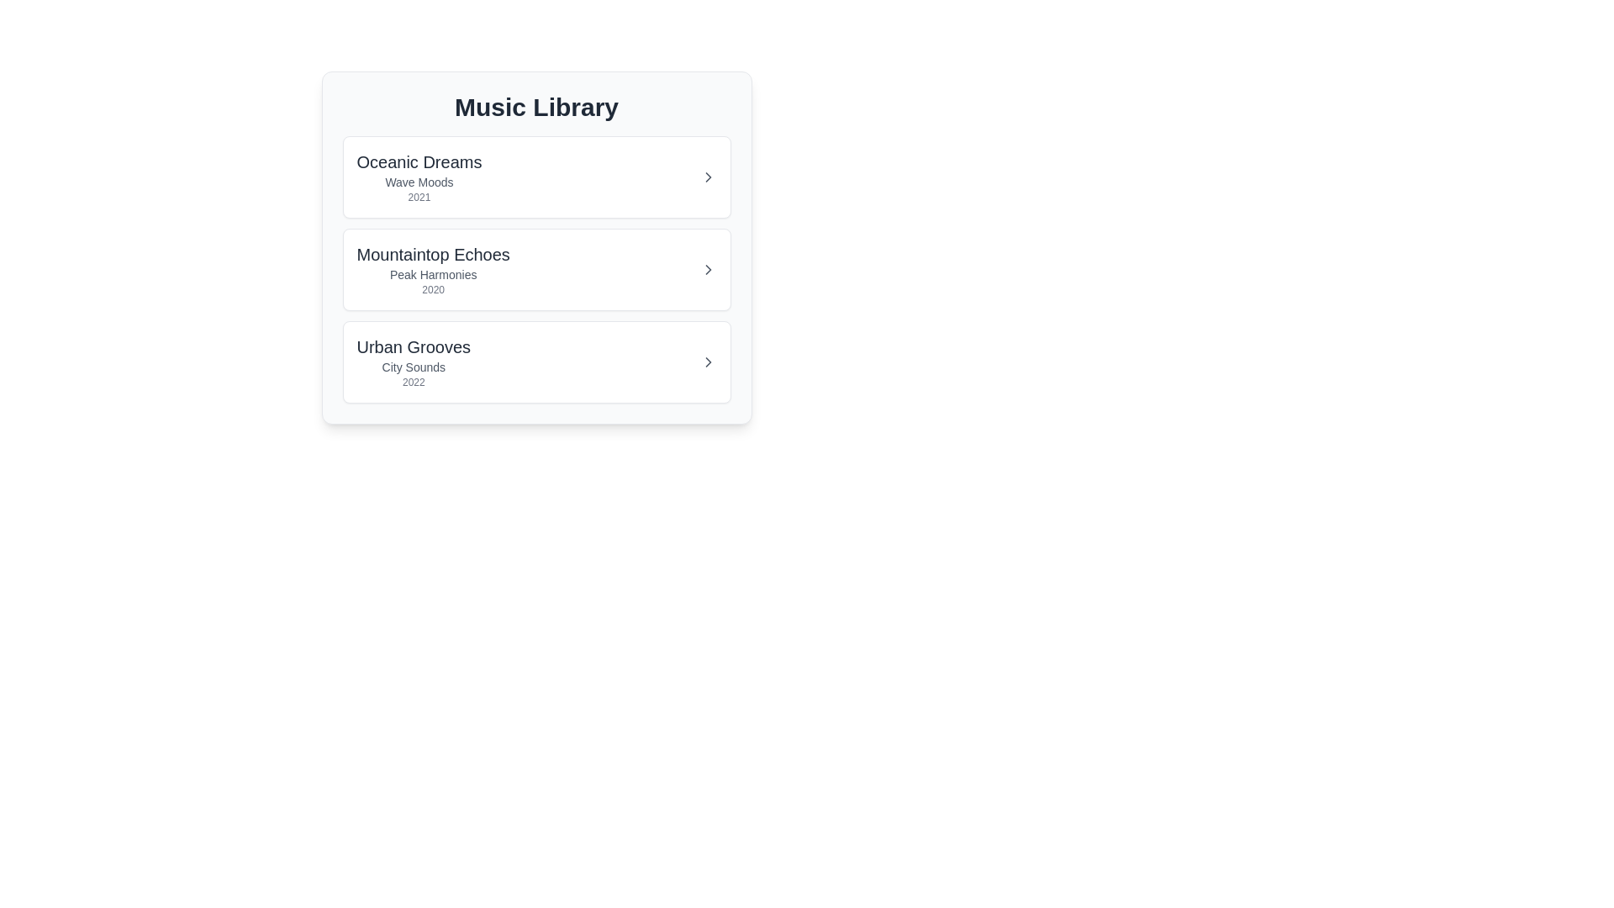  Describe the element at coordinates (535, 107) in the screenshot. I see `the title element 'Music Library' for context` at that location.